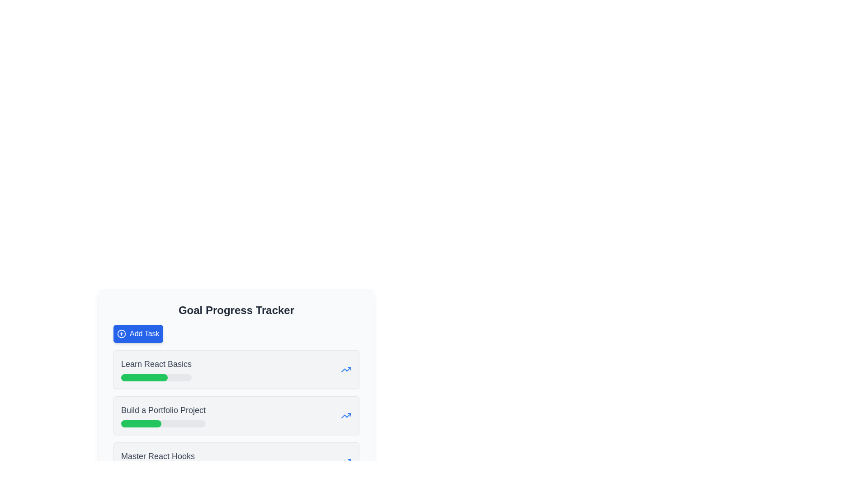 Image resolution: width=868 pixels, height=488 pixels. I want to click on the first progress bar element in the 'Goal Progress Tracker' section, which is styled with a light gray background and a green filled portion, indicating progress, so click(156, 378).